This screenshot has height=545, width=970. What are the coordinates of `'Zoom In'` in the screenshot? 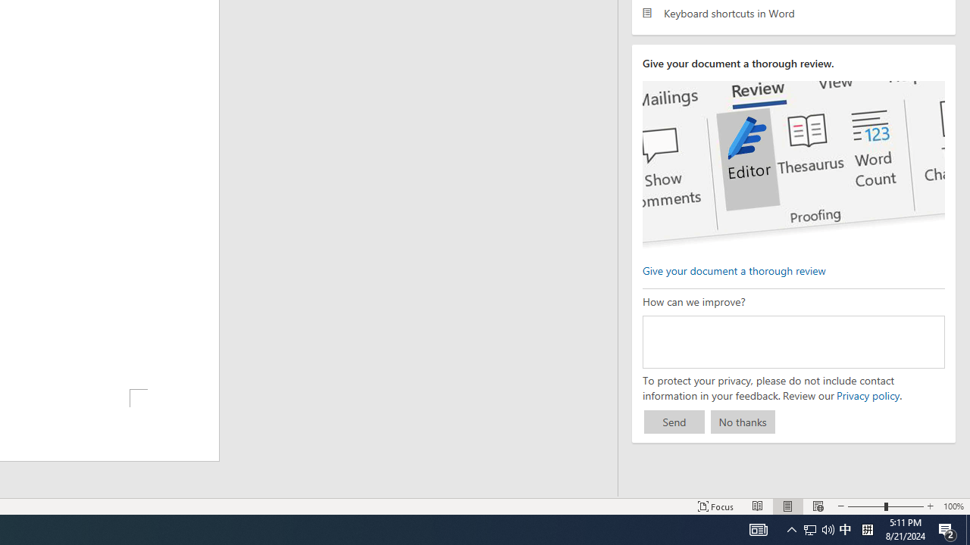 It's located at (929, 506).